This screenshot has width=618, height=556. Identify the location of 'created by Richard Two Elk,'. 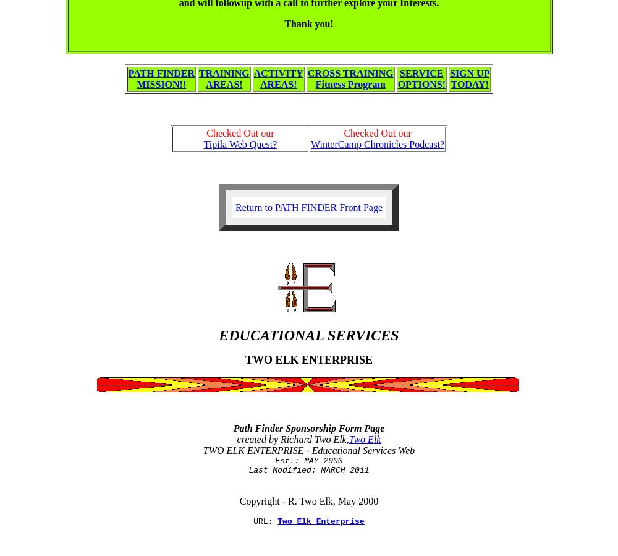
(292, 438).